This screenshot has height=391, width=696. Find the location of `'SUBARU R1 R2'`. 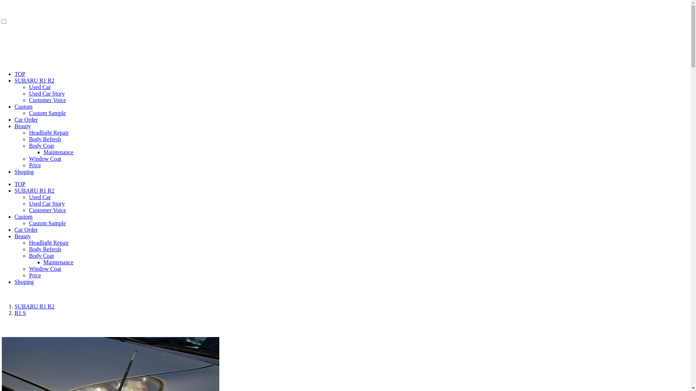

'SUBARU R1 R2' is located at coordinates (14, 80).